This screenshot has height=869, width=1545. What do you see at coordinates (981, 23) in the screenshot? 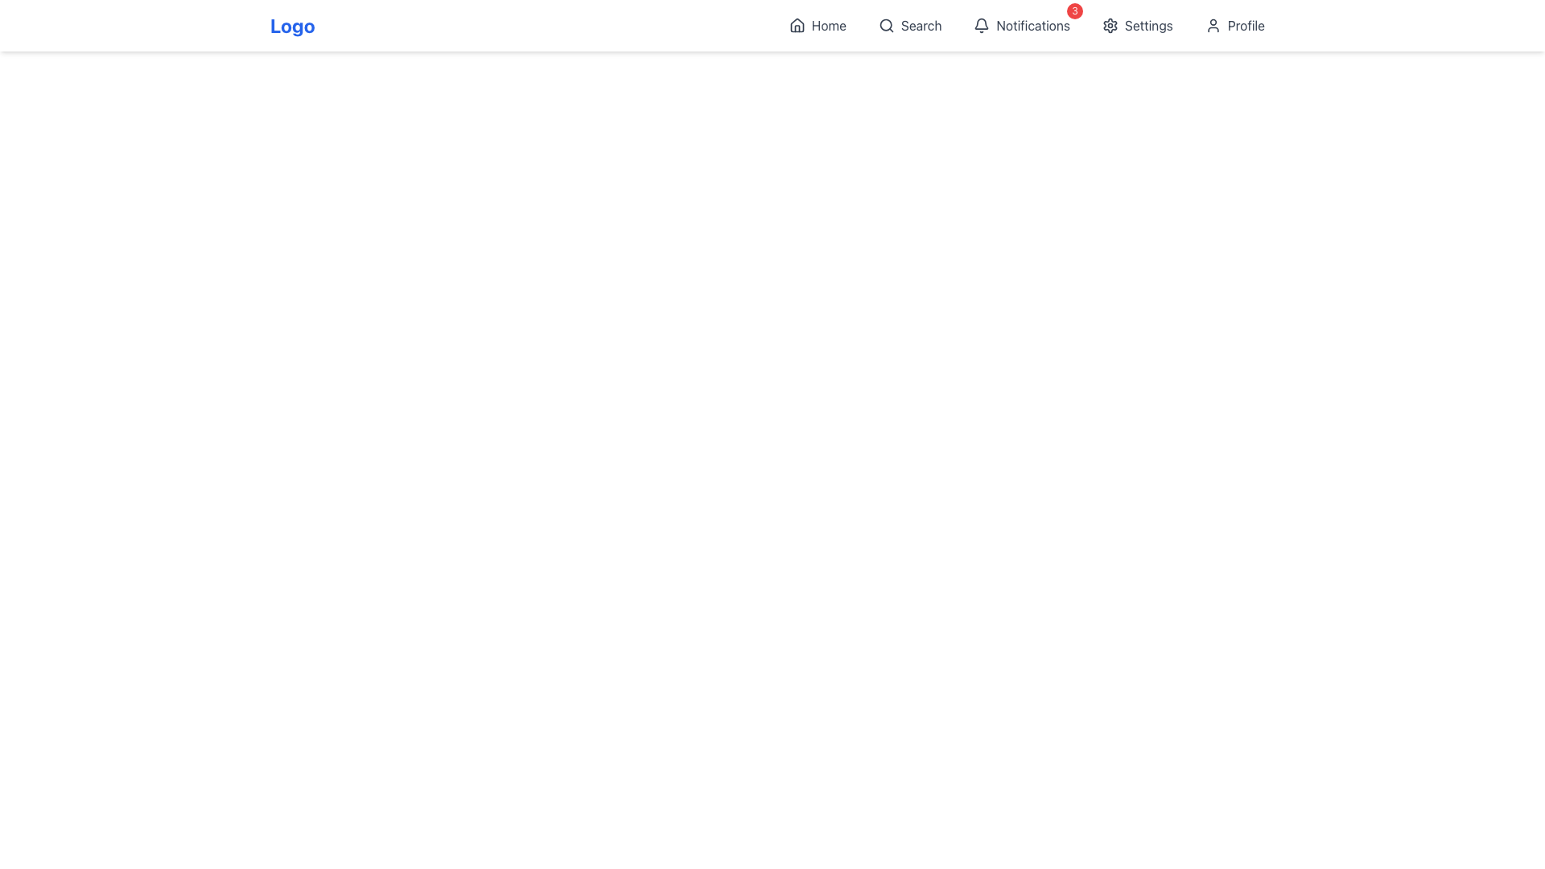
I see `the bell-shaped notification icon located in the upper-right navigation bar` at bounding box center [981, 23].